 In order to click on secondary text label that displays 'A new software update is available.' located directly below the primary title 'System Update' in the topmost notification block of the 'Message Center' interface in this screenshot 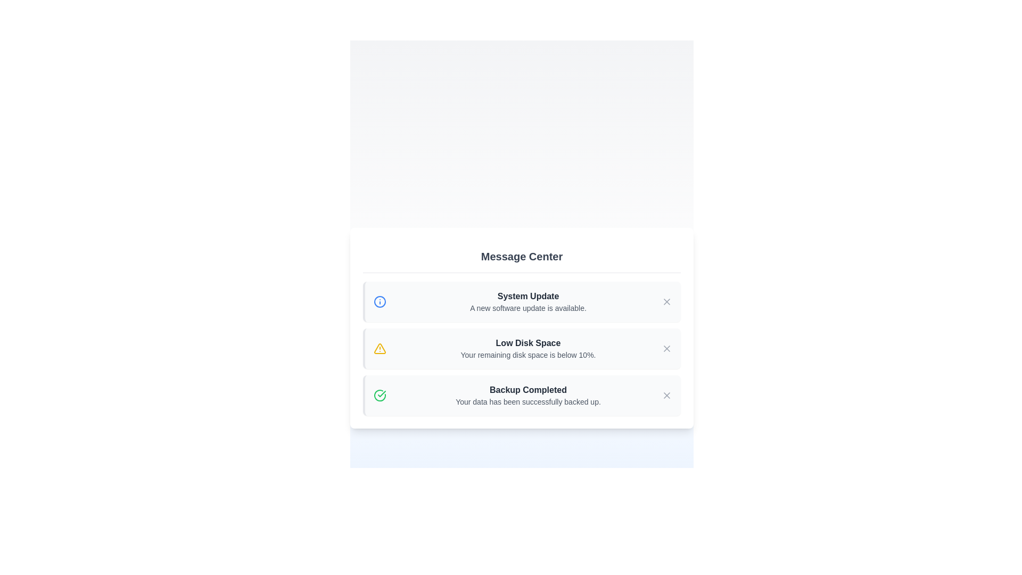, I will do `click(528, 308)`.